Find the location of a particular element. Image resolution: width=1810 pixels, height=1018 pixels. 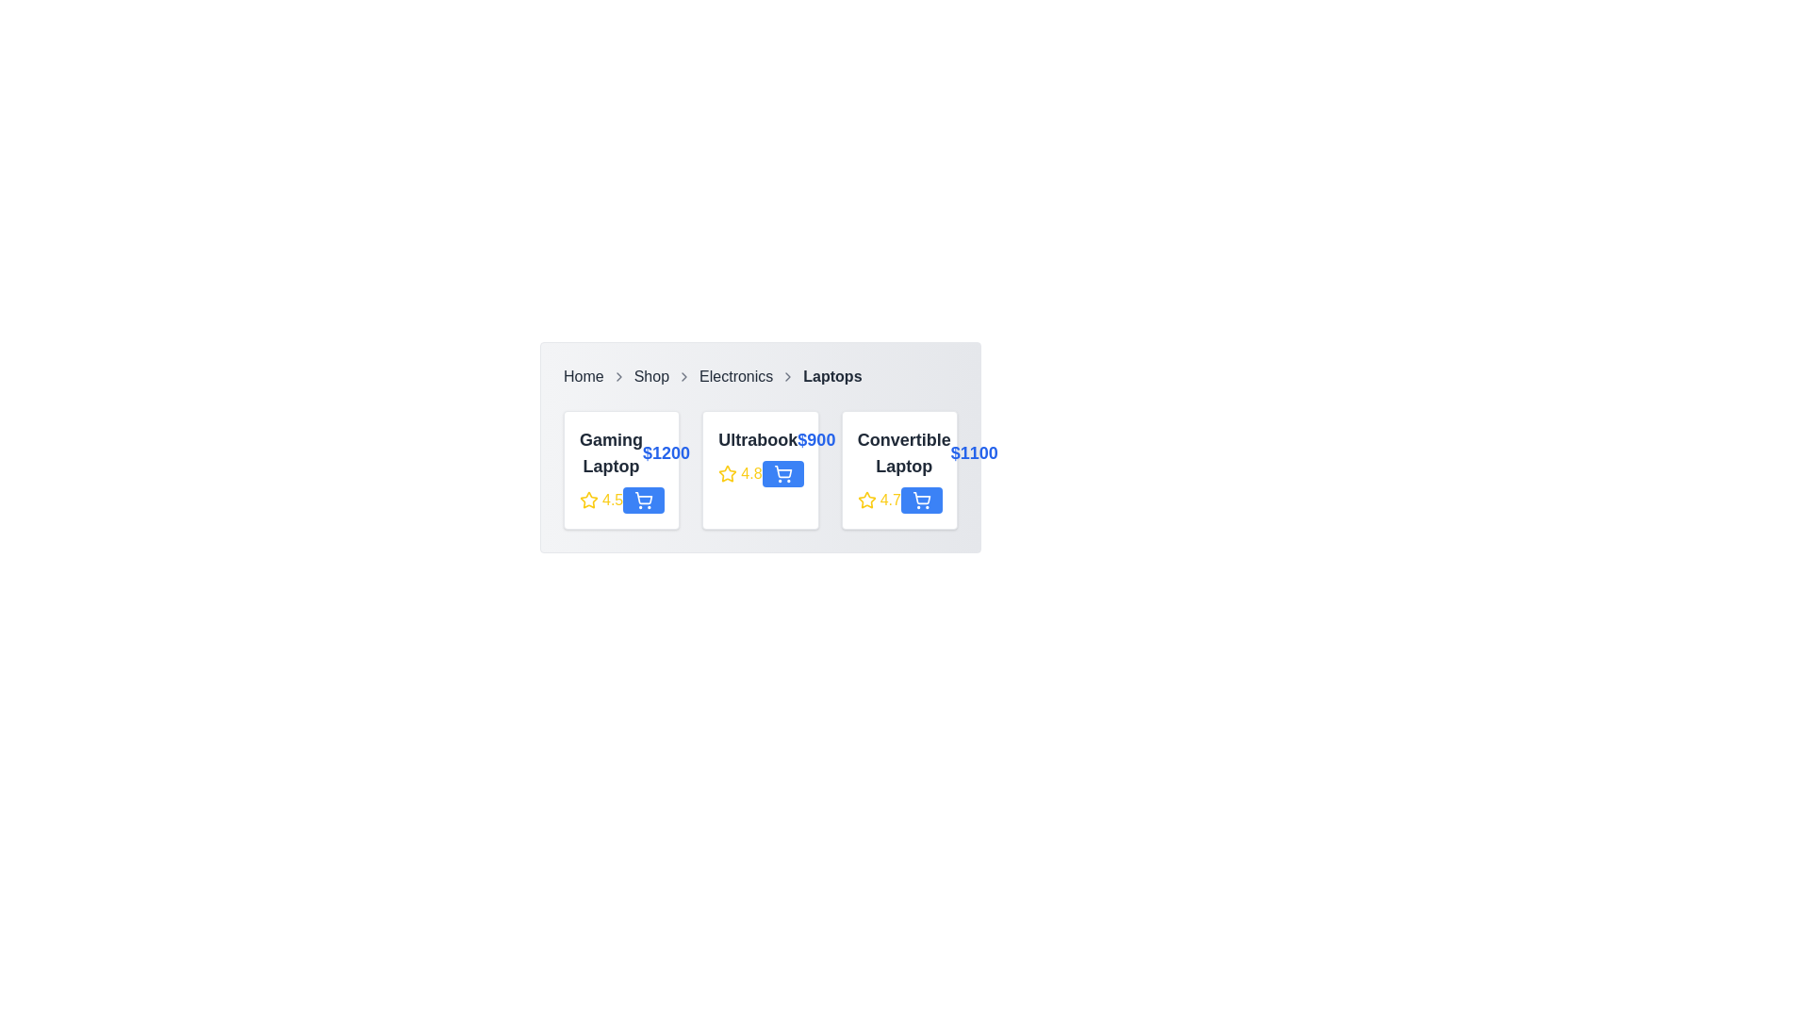

the blue cart button located on the card displaying 'Ultrabook', which is the second item in the grid layout is located at coordinates (760, 468).